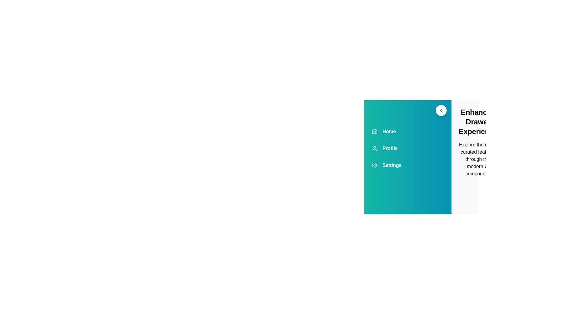 The width and height of the screenshot is (581, 326). I want to click on toggle button to change the drawer's state, so click(441, 110).